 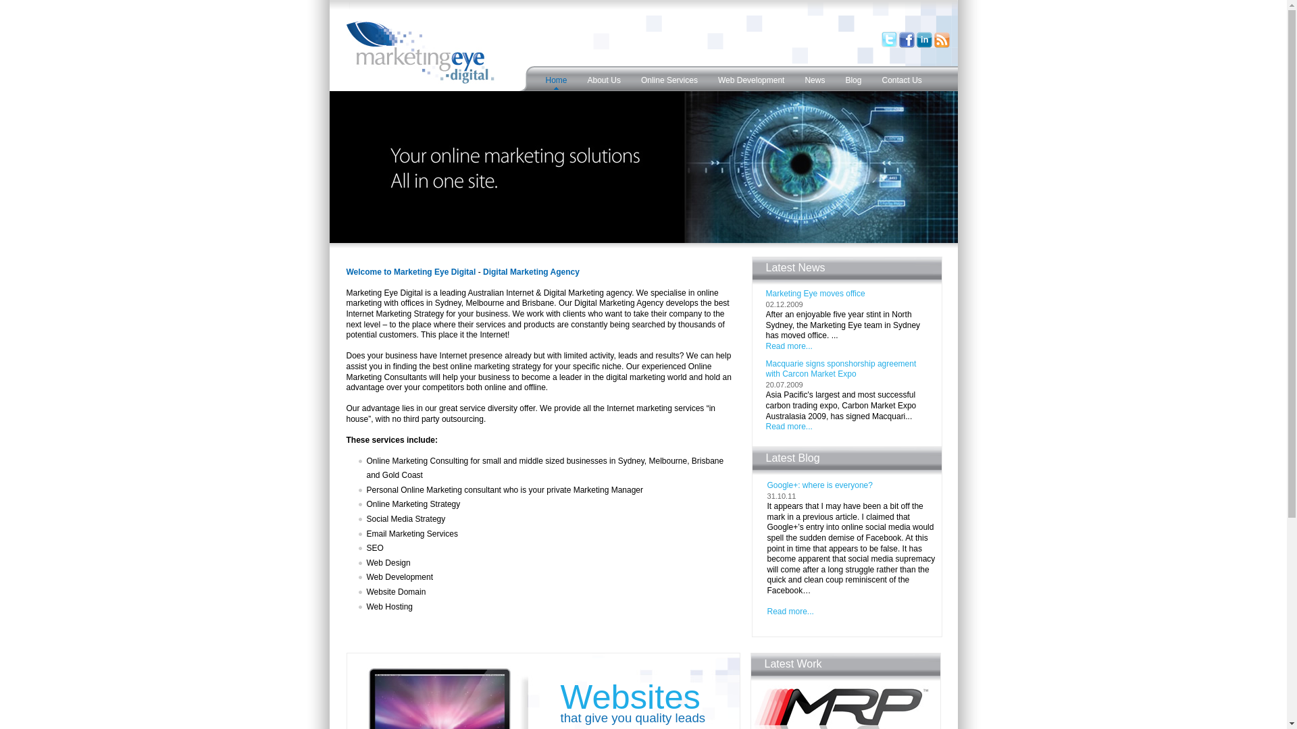 I want to click on 'Marketing Eye Digital', so click(x=346, y=51).